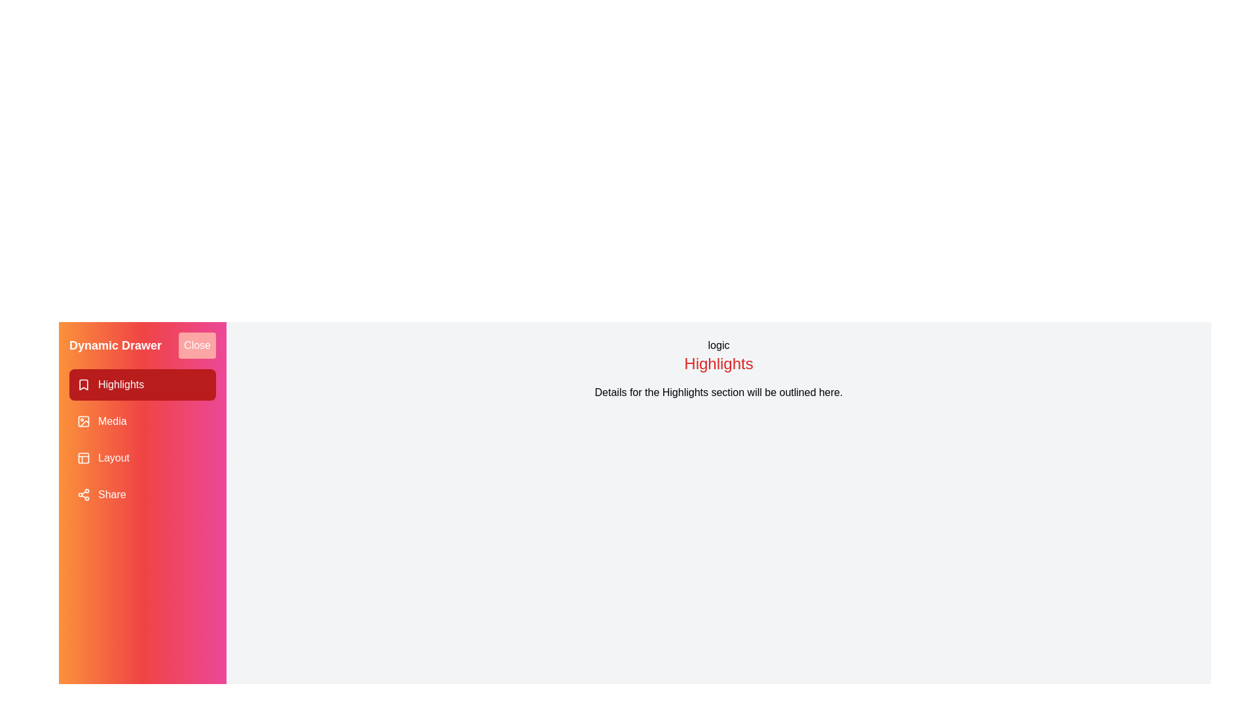 The height and width of the screenshot is (707, 1257). Describe the element at coordinates (142, 495) in the screenshot. I see `the section Share from the drawer` at that location.